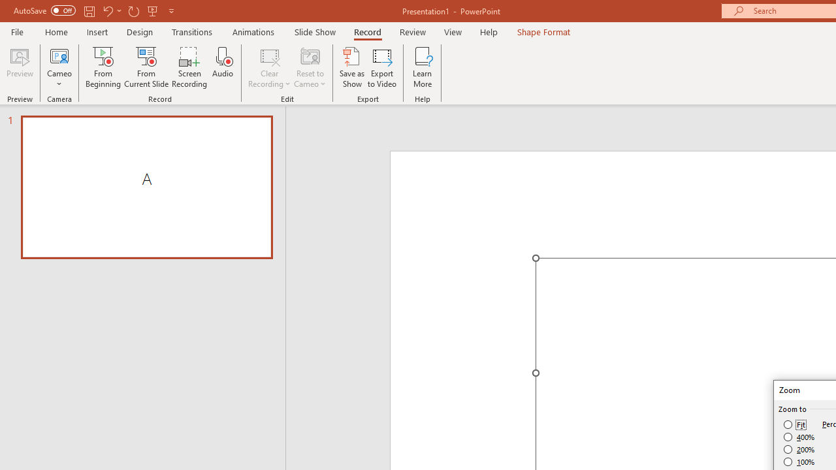 This screenshot has width=836, height=470. Describe the element at coordinates (189, 67) in the screenshot. I see `'Screen Recording'` at that location.